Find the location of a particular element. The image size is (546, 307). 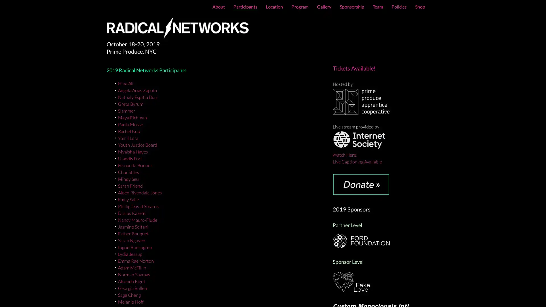

Donate with PayPal button is located at coordinates (361, 184).